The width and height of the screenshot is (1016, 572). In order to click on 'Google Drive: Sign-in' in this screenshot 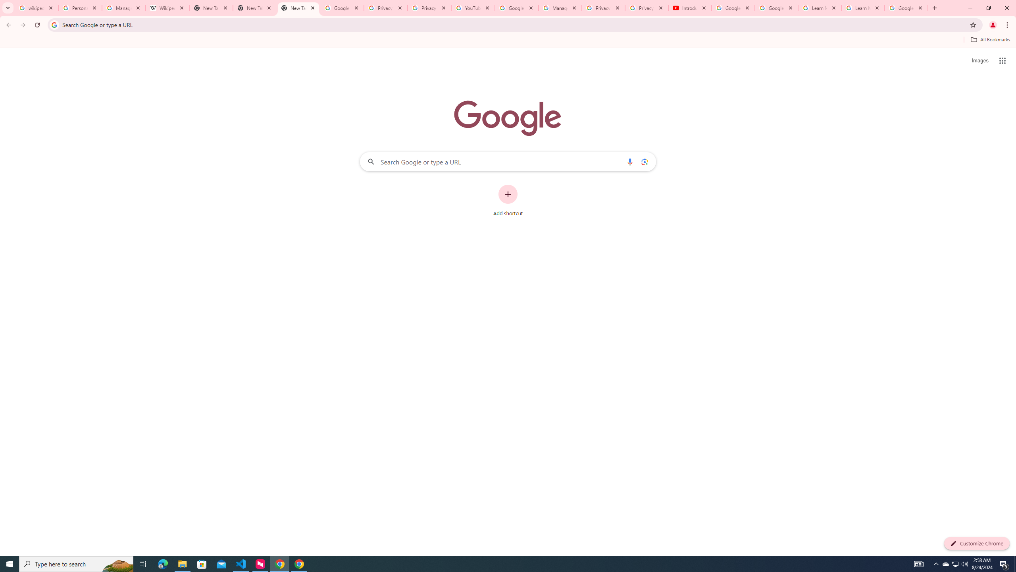, I will do `click(342, 8)`.